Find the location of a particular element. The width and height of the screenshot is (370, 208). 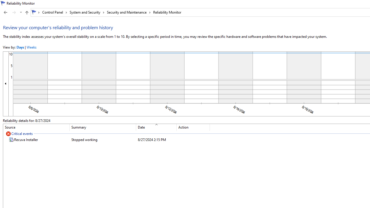

'Up band toolbar' is located at coordinates (26, 13).